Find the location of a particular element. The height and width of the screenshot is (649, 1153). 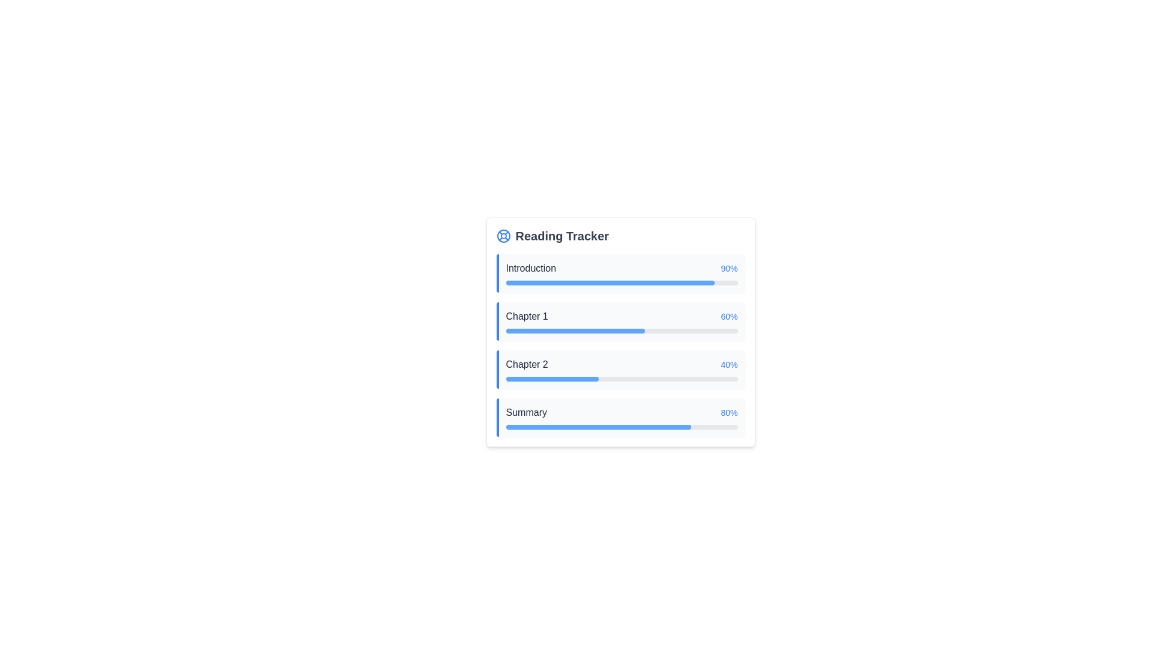

styles of the Progress Bar fill segment indicating 90% completion of the 'Introduction' chapter in the 'Reading Tracker' section using development tools is located at coordinates (610, 282).